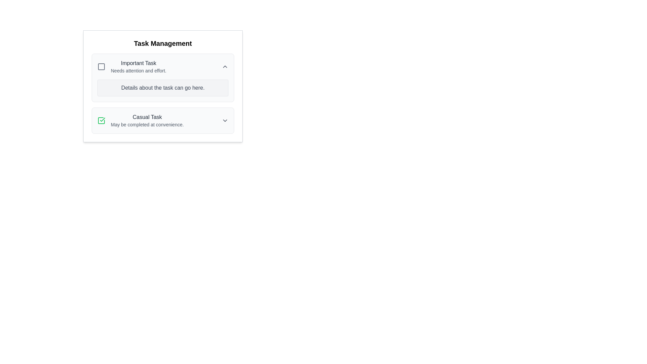  Describe the element at coordinates (102, 119) in the screenshot. I see `the checkmark icon indicating a successfully completed status for the 'Casual Task' item` at that location.